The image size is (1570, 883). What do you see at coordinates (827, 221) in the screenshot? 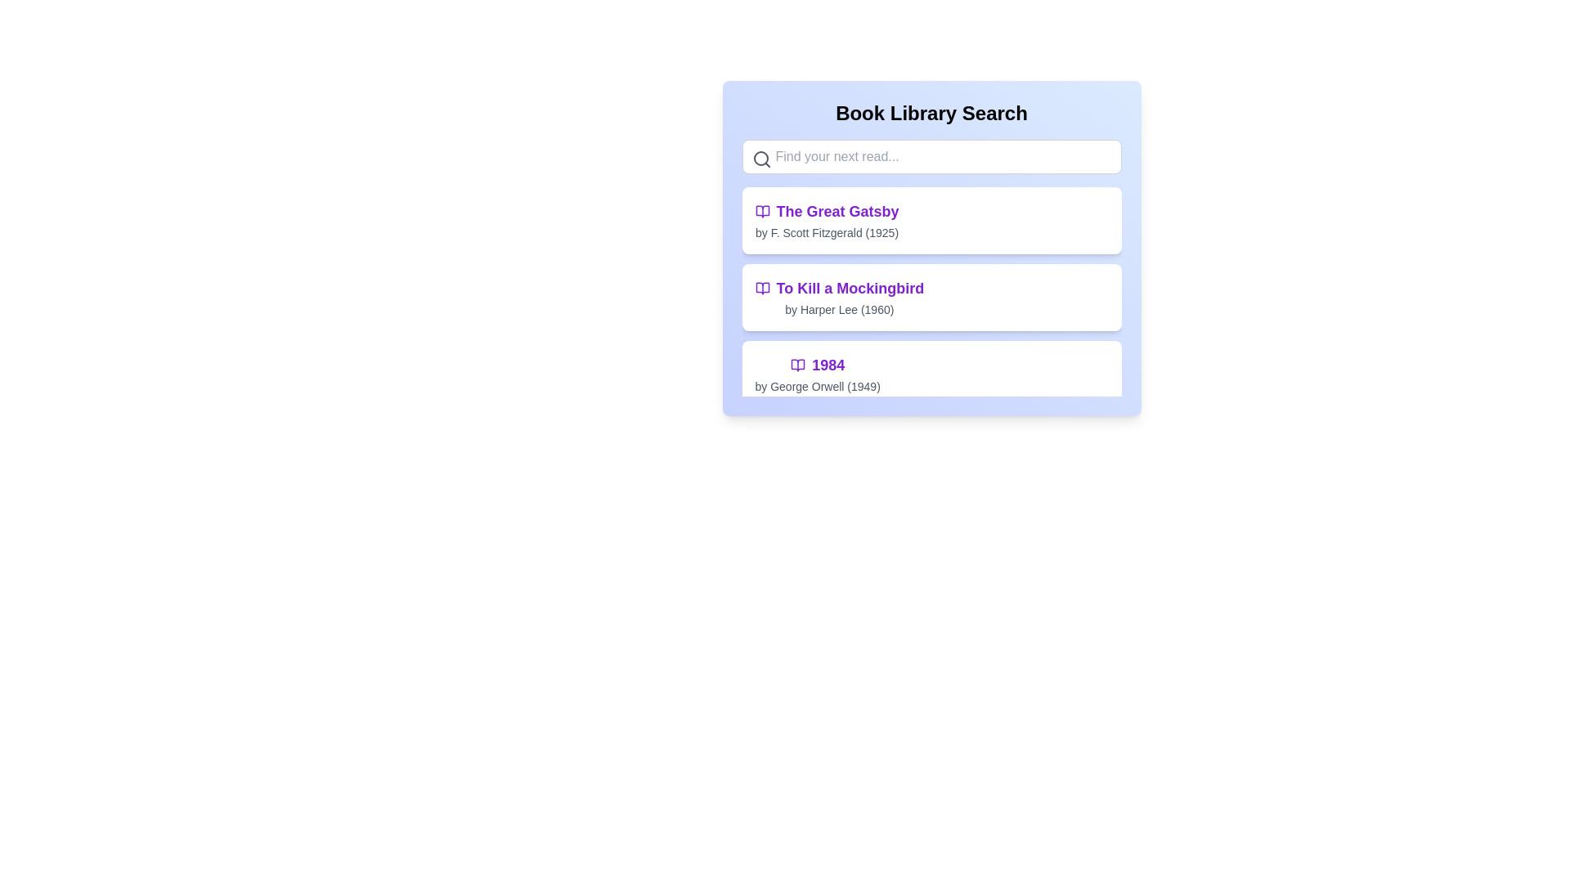
I see `the text element representing the book 'The Great Gatsby' by F. Scott Fitzgerald to read its details` at bounding box center [827, 221].